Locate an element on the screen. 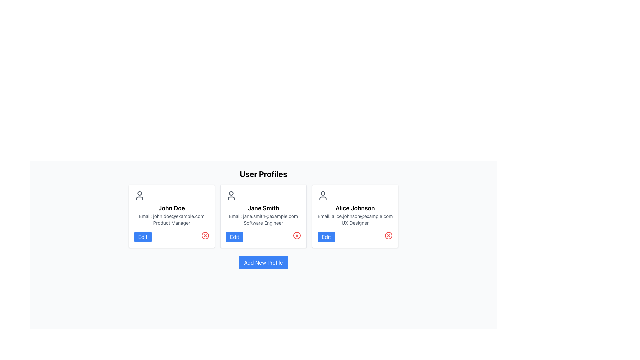 This screenshot has height=360, width=640. the user icon for 'Alice Johnson', which is located at the top center of her profile card, above her name, email, and job title is located at coordinates (323, 195).